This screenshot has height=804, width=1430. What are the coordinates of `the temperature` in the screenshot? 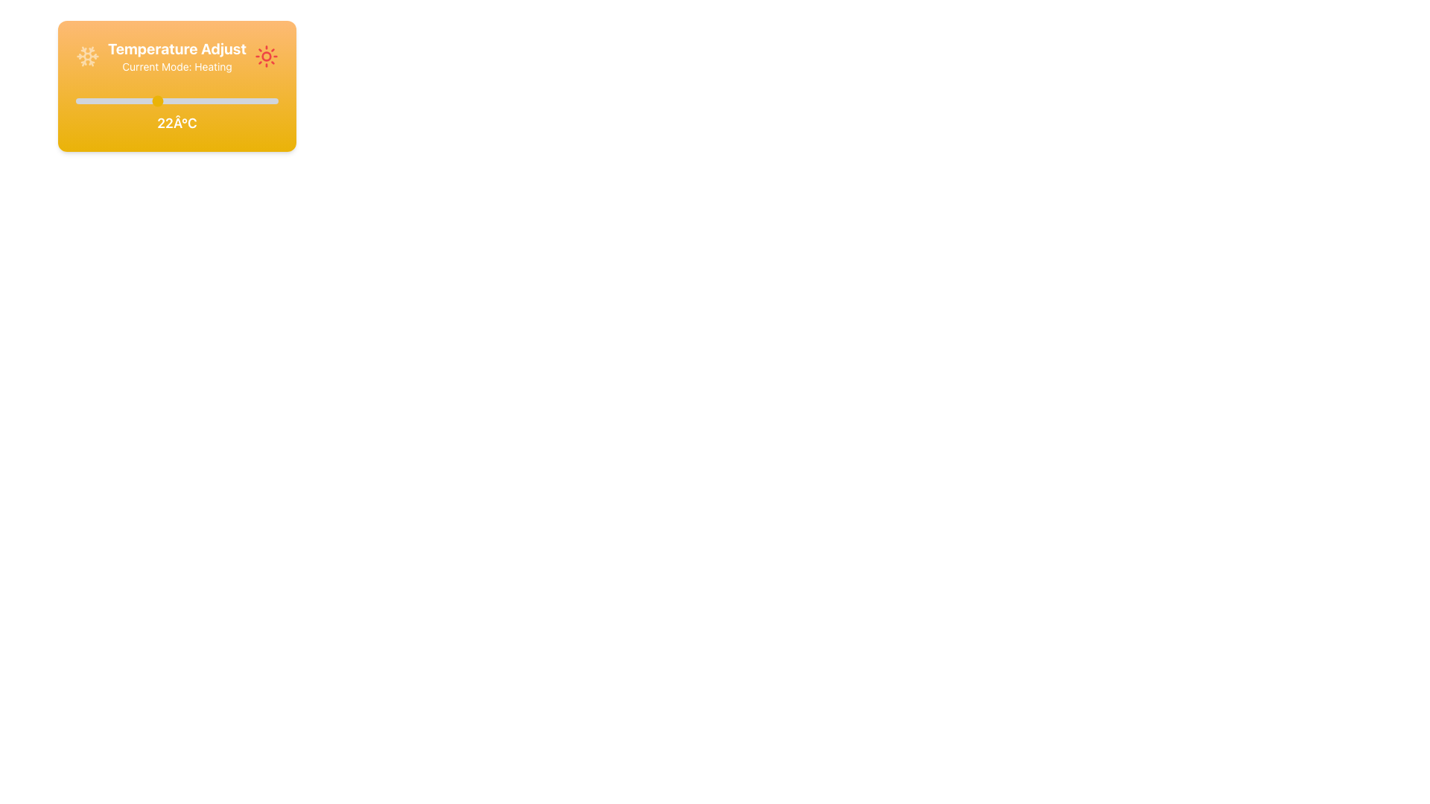 It's located at (81, 100).